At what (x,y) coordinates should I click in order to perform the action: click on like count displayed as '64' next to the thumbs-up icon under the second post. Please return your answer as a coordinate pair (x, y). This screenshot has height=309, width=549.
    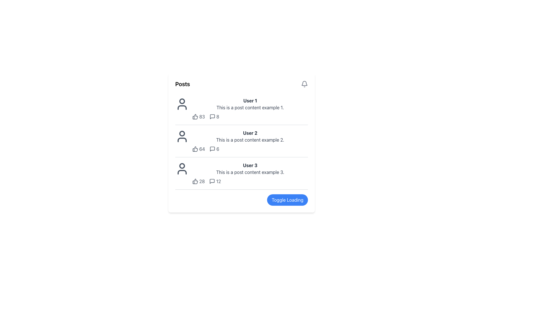
    Looking at the image, I should click on (198, 148).